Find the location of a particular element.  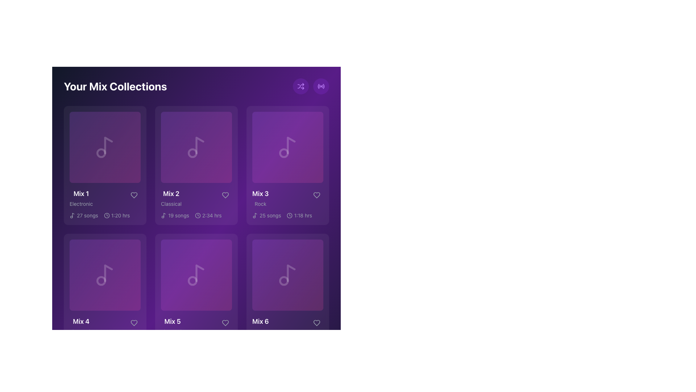

SVG circle graphic element which represents the circular part of the music card's icon, located in the lower-left area of the musical note icon within the 'Mix 2' card in the 'Your Mix Collections' section is located at coordinates (192, 152).